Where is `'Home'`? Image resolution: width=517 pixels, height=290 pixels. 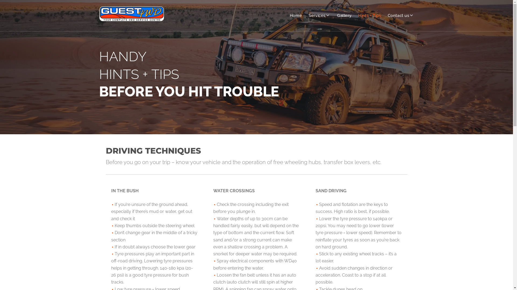
'Home' is located at coordinates (295, 15).